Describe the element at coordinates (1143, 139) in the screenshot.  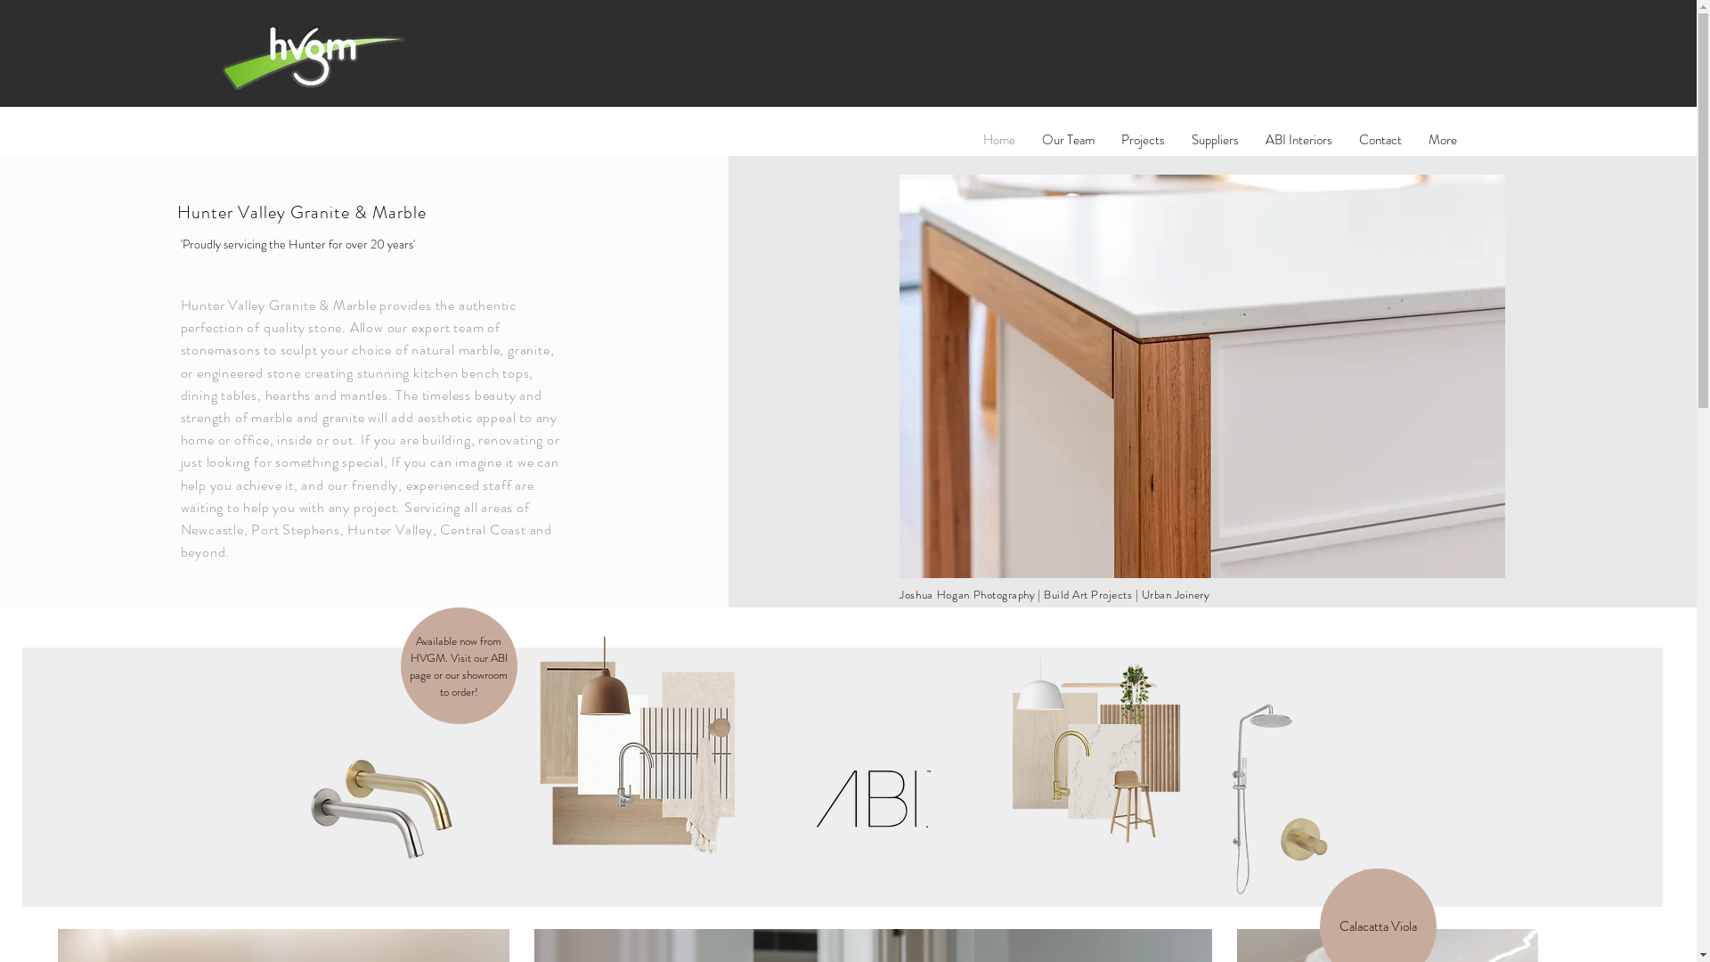
I see `'Projects'` at that location.